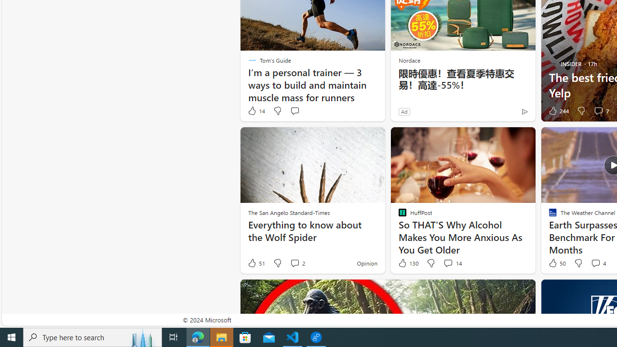 Image resolution: width=617 pixels, height=347 pixels. I want to click on '244 Like', so click(558, 110).